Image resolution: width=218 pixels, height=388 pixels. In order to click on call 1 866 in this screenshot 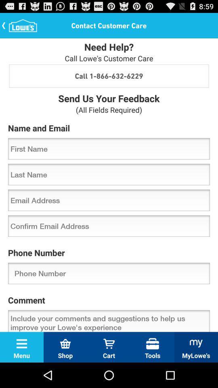, I will do `click(109, 76)`.